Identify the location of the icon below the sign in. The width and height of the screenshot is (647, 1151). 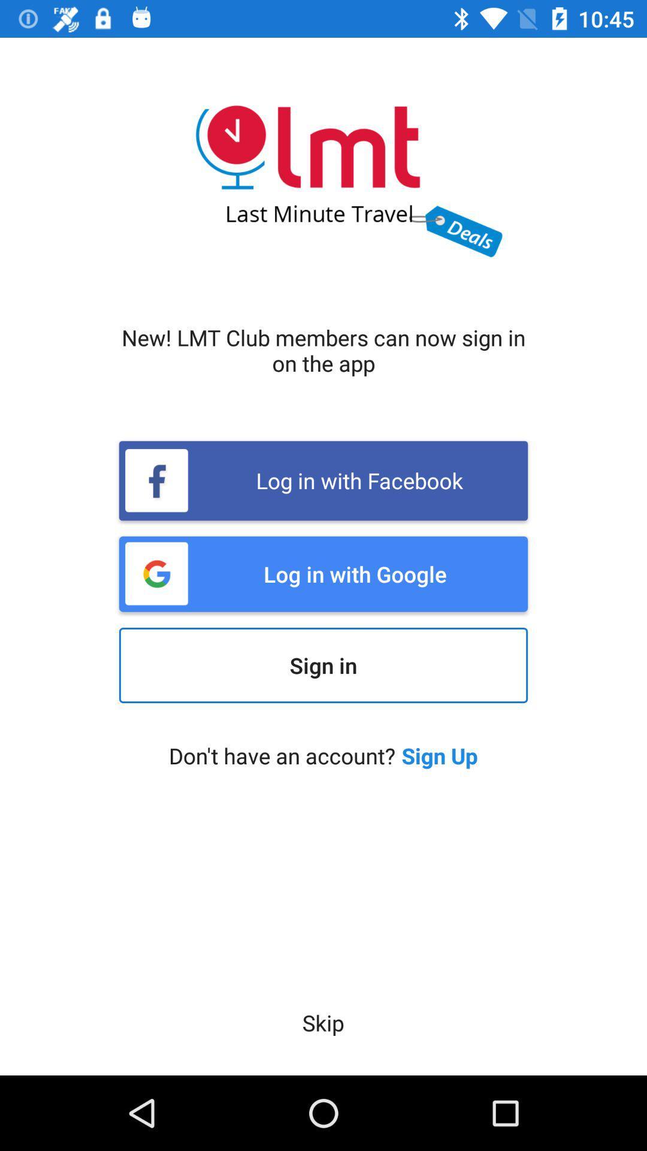
(440, 755).